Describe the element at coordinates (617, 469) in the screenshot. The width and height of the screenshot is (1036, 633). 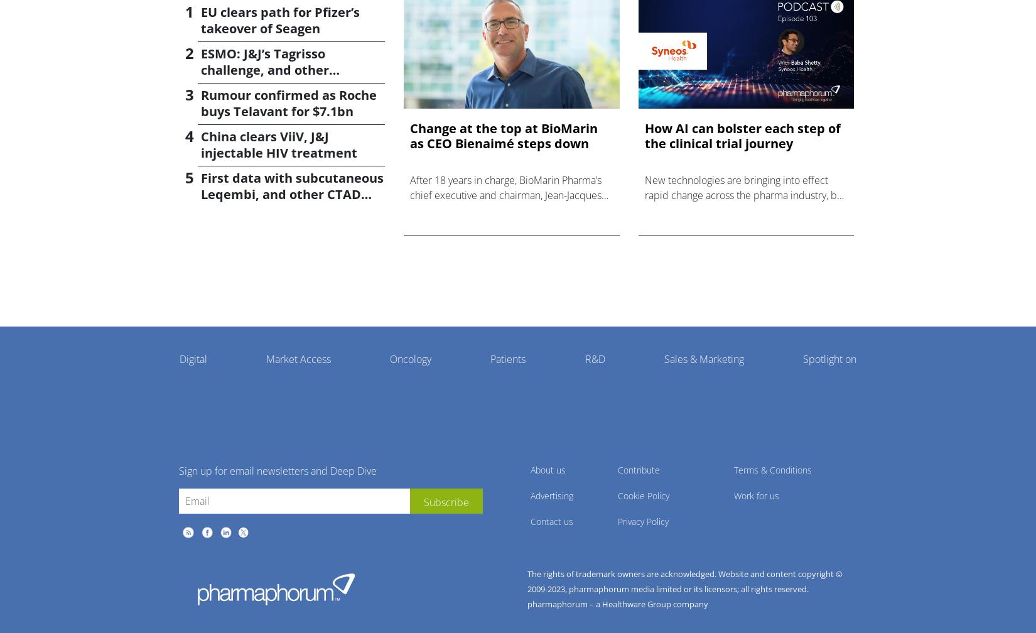
I see `'Contribute'` at that location.